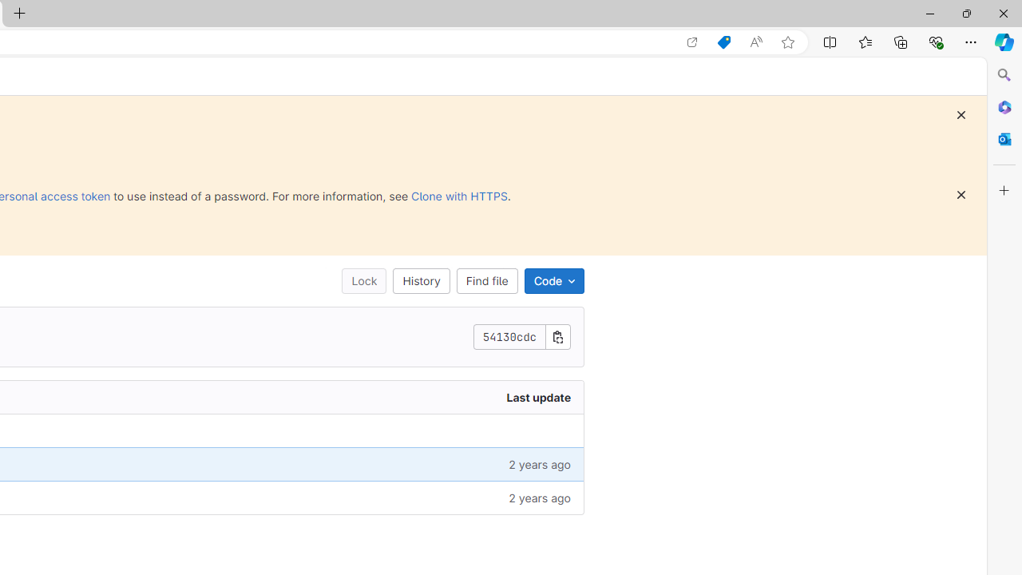  What do you see at coordinates (458, 195) in the screenshot?
I see `'Clone with HTTPS'` at bounding box center [458, 195].